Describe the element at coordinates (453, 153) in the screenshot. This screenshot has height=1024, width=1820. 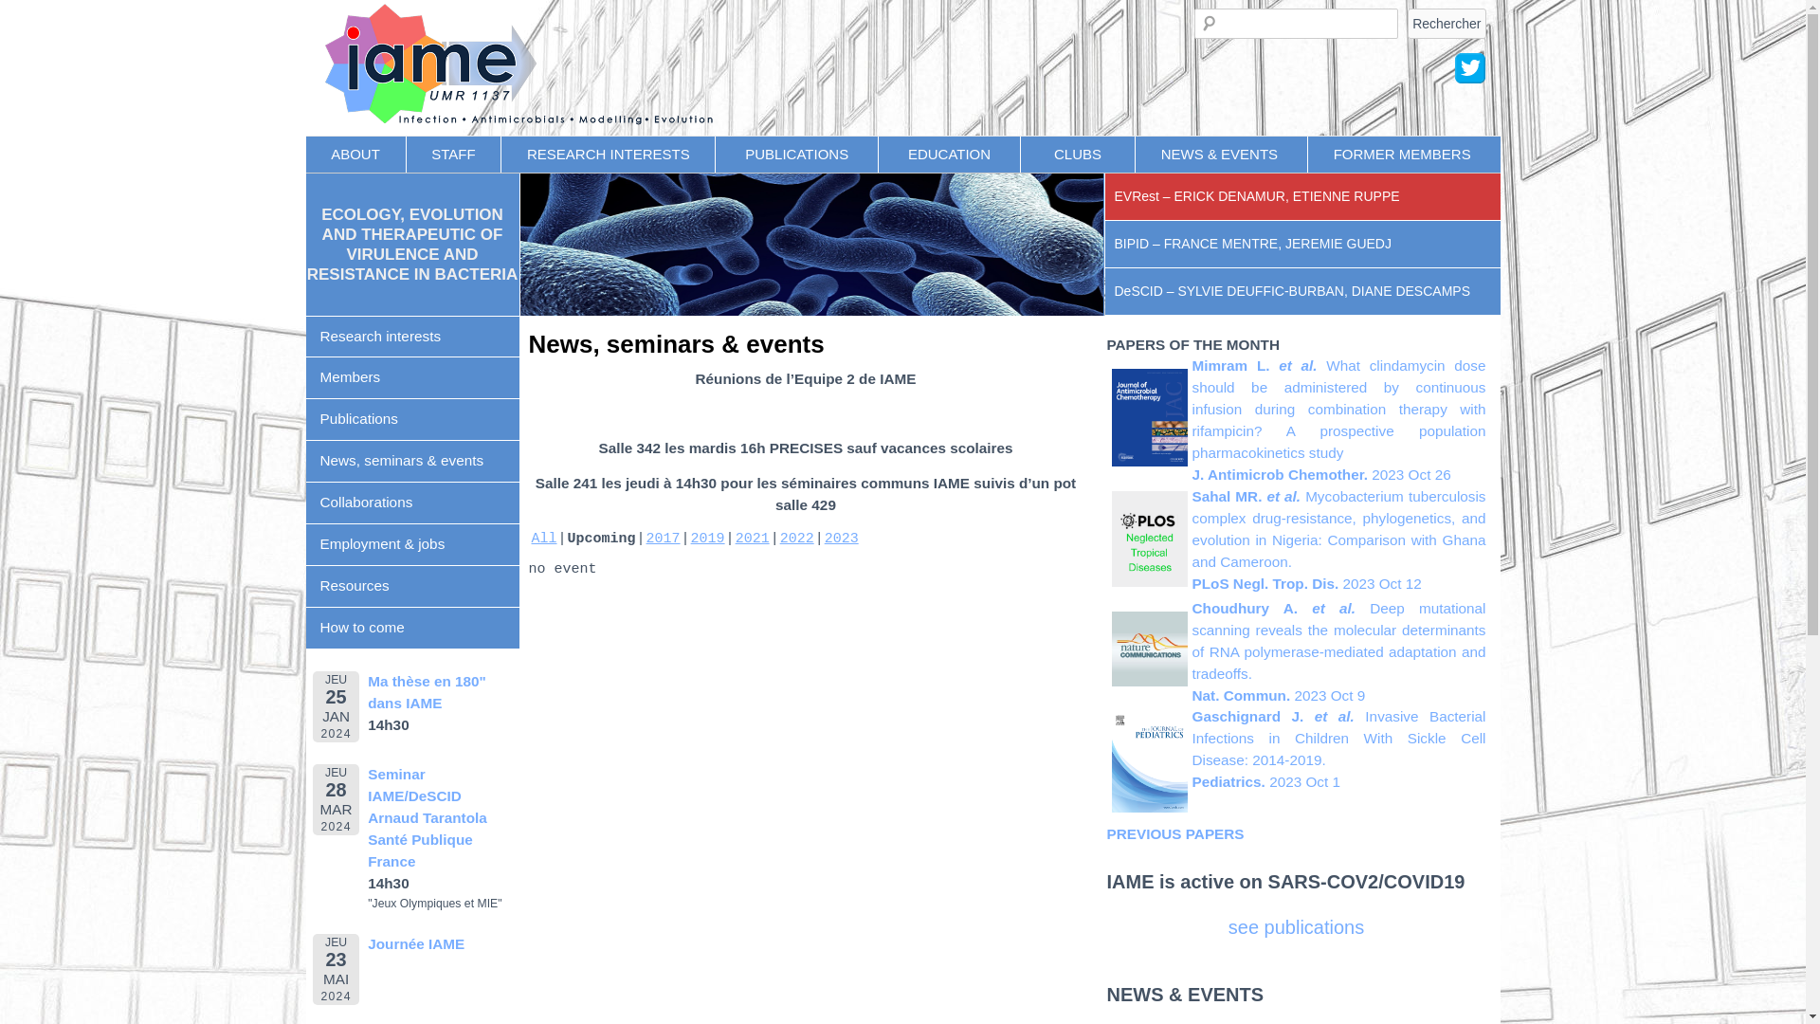
I see `'STAFF'` at that location.